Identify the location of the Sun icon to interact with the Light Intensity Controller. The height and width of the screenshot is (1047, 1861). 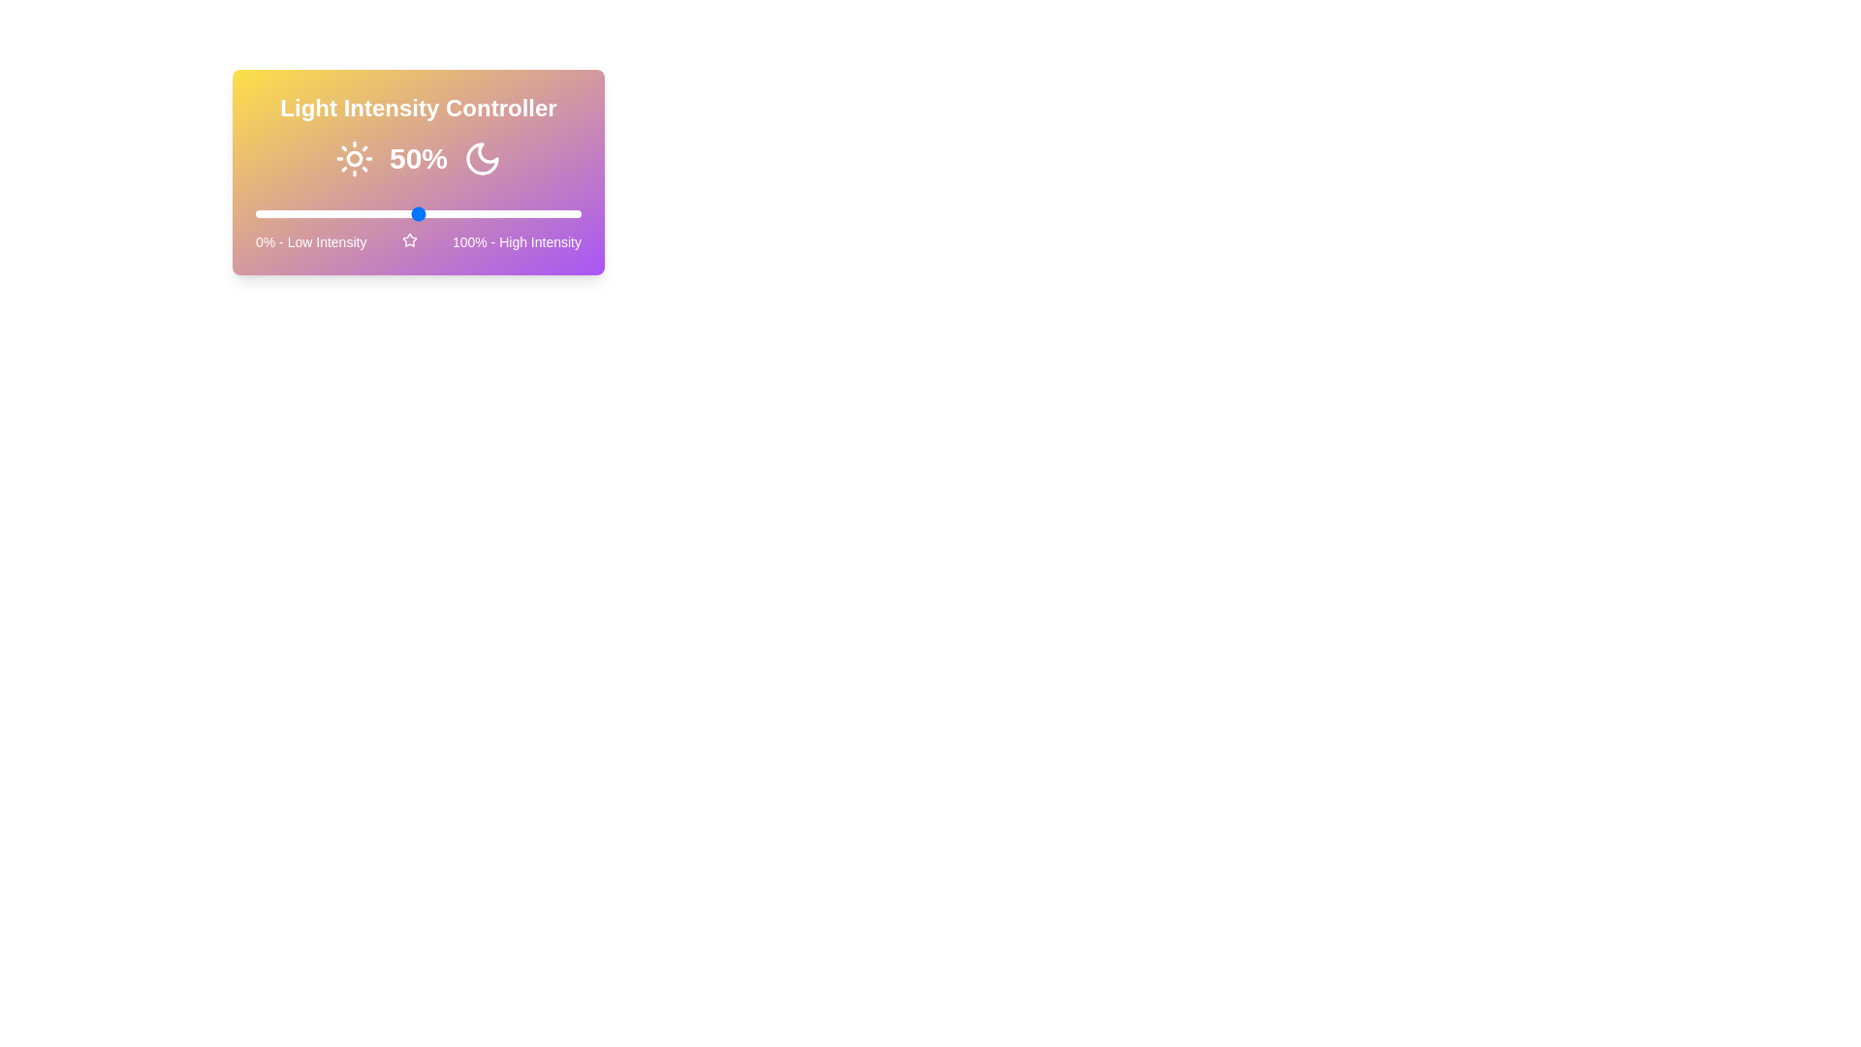
(354, 158).